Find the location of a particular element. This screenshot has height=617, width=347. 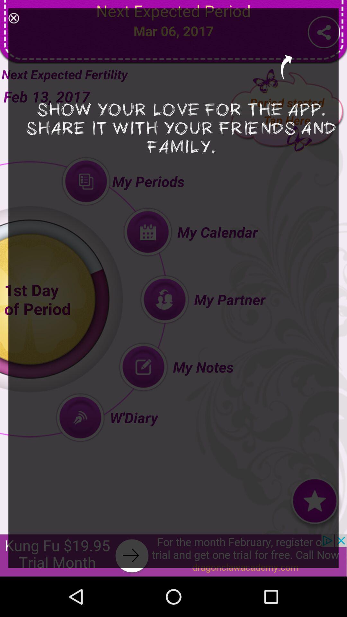

the close icon is located at coordinates (13, 19).